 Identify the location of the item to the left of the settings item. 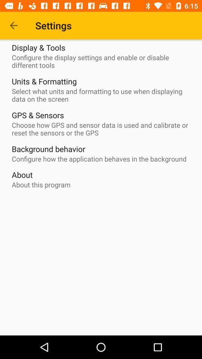
(13, 25).